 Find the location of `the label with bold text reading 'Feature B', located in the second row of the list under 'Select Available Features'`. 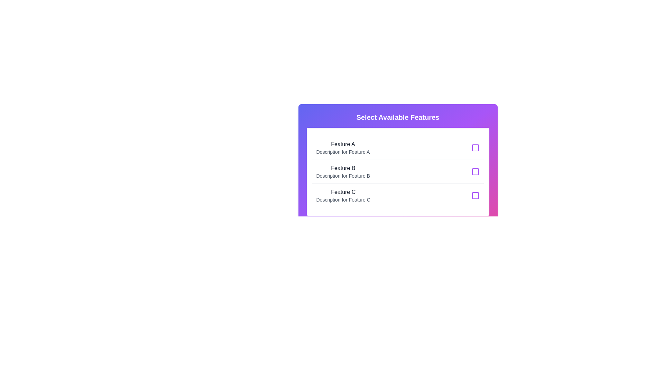

the label with bold text reading 'Feature B', located in the second row of the list under 'Select Available Features' is located at coordinates (343, 168).